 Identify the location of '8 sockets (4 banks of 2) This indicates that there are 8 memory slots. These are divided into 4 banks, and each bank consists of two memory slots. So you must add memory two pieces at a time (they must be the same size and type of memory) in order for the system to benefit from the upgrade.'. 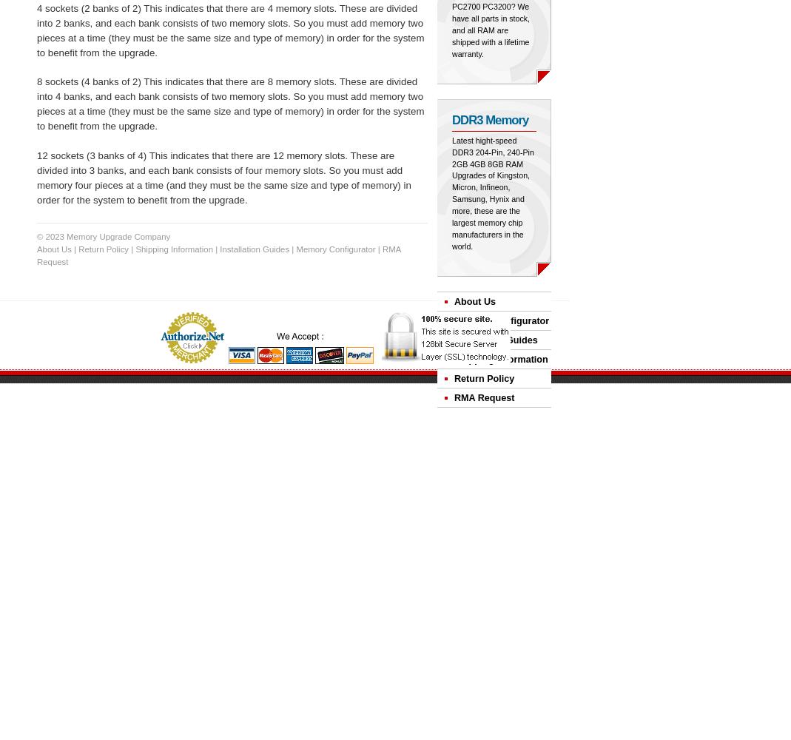
(229, 104).